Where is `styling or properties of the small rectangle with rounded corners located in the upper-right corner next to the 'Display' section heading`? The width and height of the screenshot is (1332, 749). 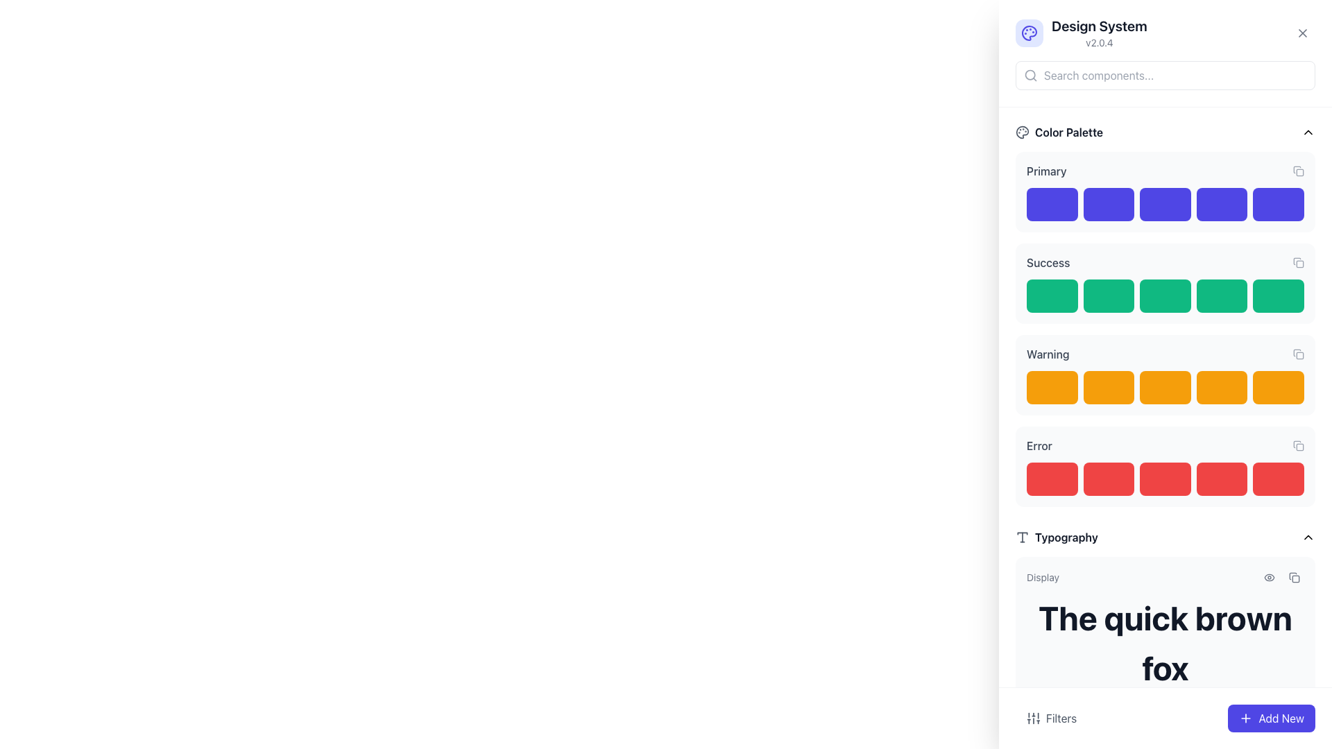 styling or properties of the small rectangle with rounded corners located in the upper-right corner next to the 'Display' section heading is located at coordinates (1295, 578).